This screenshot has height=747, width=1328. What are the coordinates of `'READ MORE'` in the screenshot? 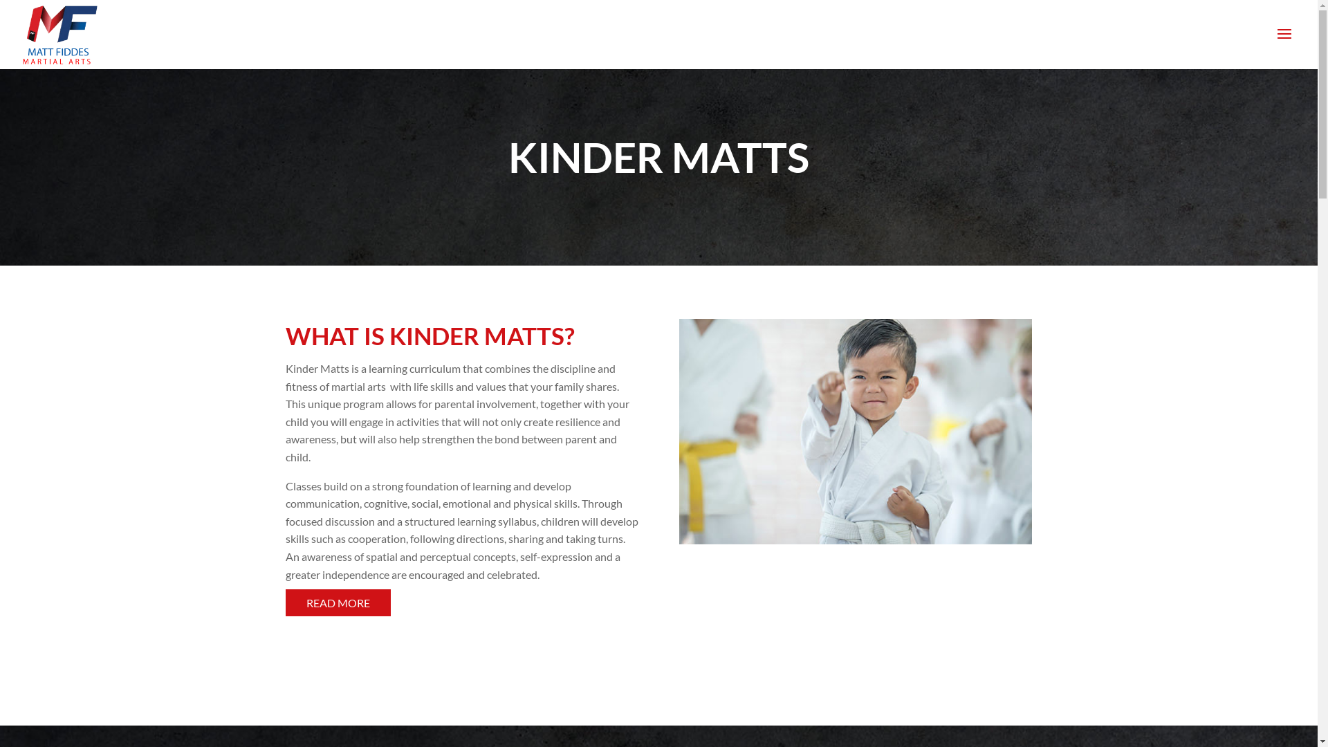 It's located at (284, 602).